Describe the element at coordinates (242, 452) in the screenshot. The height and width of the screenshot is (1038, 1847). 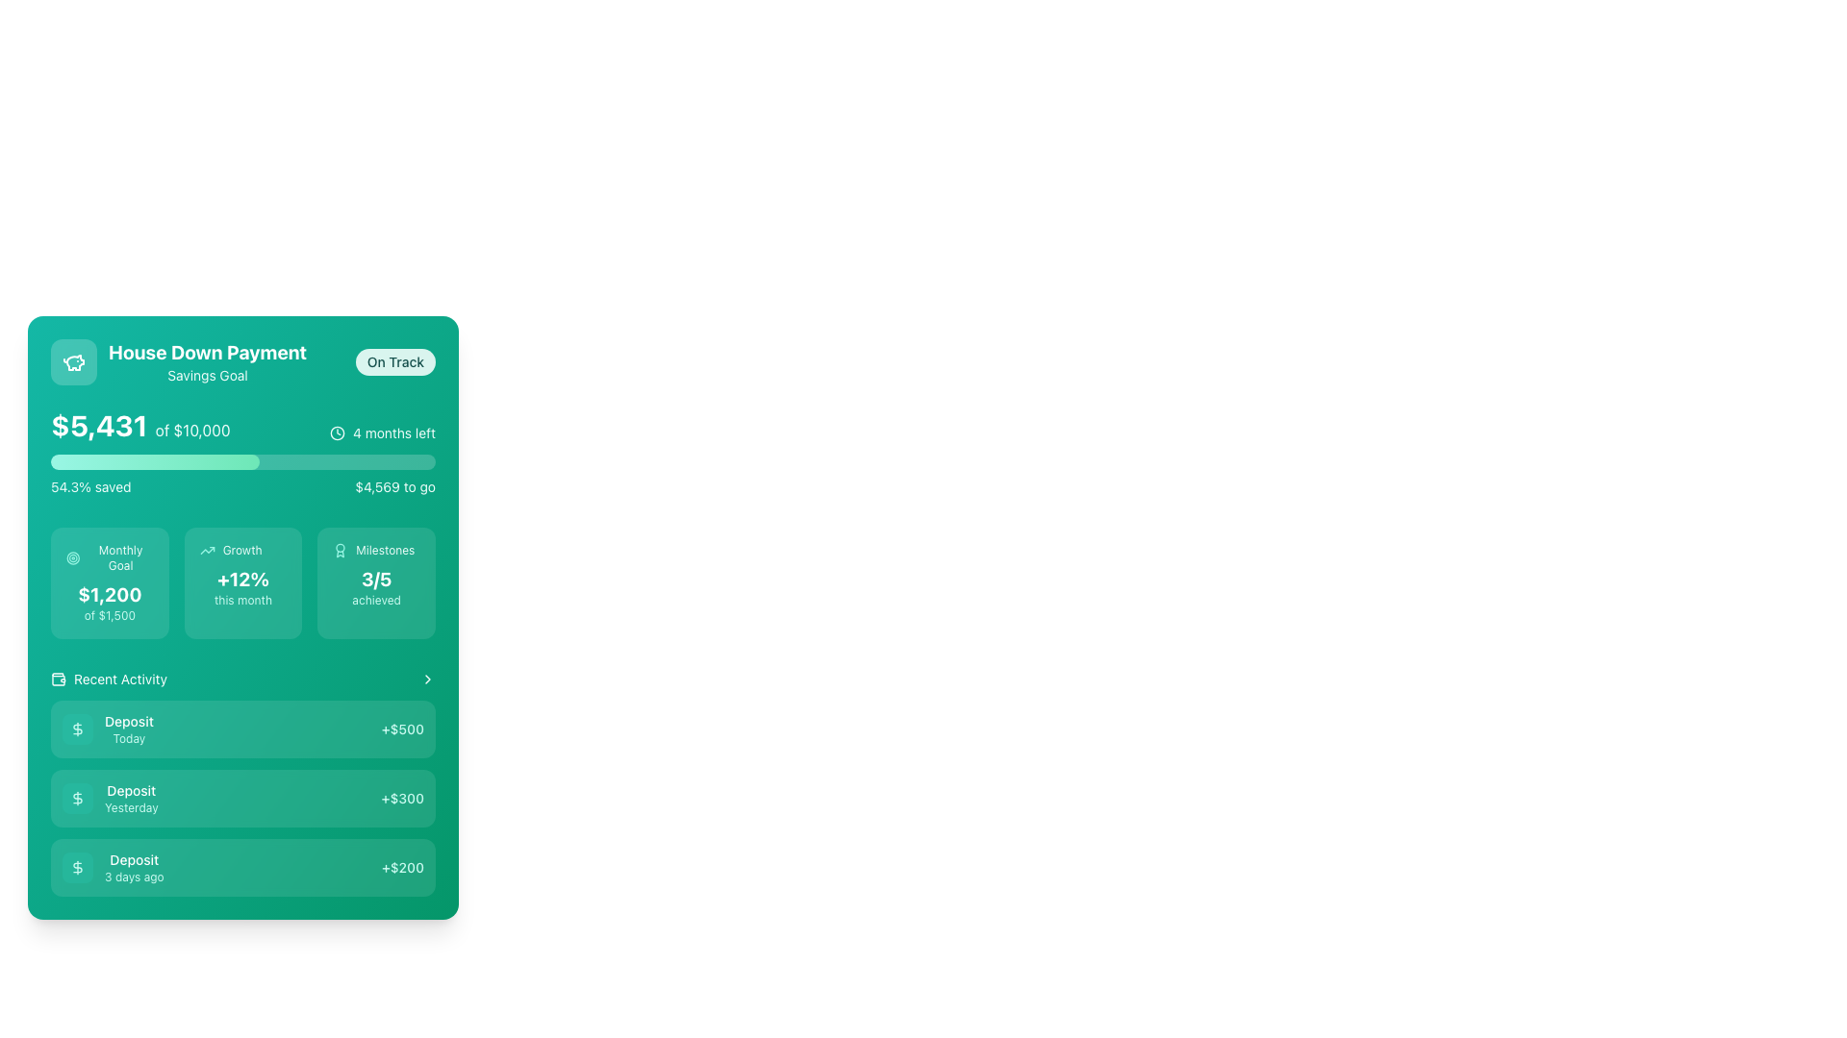
I see `the progress bar located below the title 'House Down Payment' in the main card-like section, which visually represents progress toward a financial savings goal` at that location.